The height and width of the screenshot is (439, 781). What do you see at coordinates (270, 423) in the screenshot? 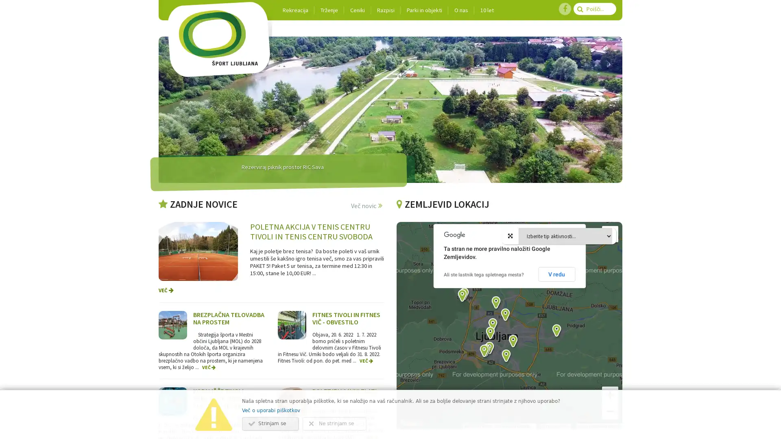
I see `Strinjam se` at bounding box center [270, 423].